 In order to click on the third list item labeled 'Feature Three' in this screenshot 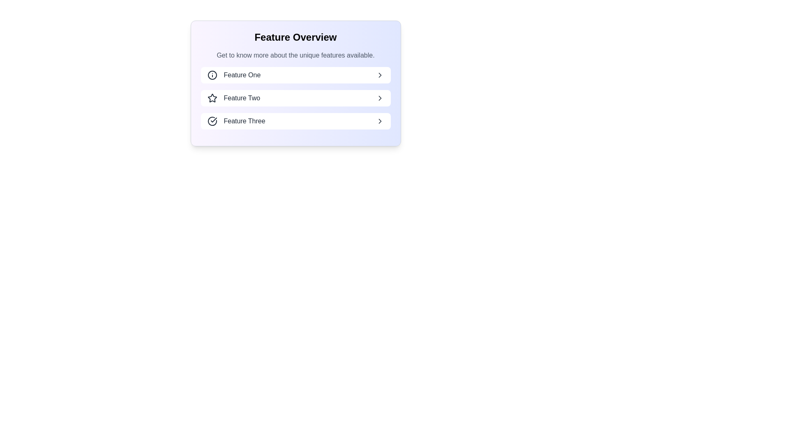, I will do `click(295, 121)`.